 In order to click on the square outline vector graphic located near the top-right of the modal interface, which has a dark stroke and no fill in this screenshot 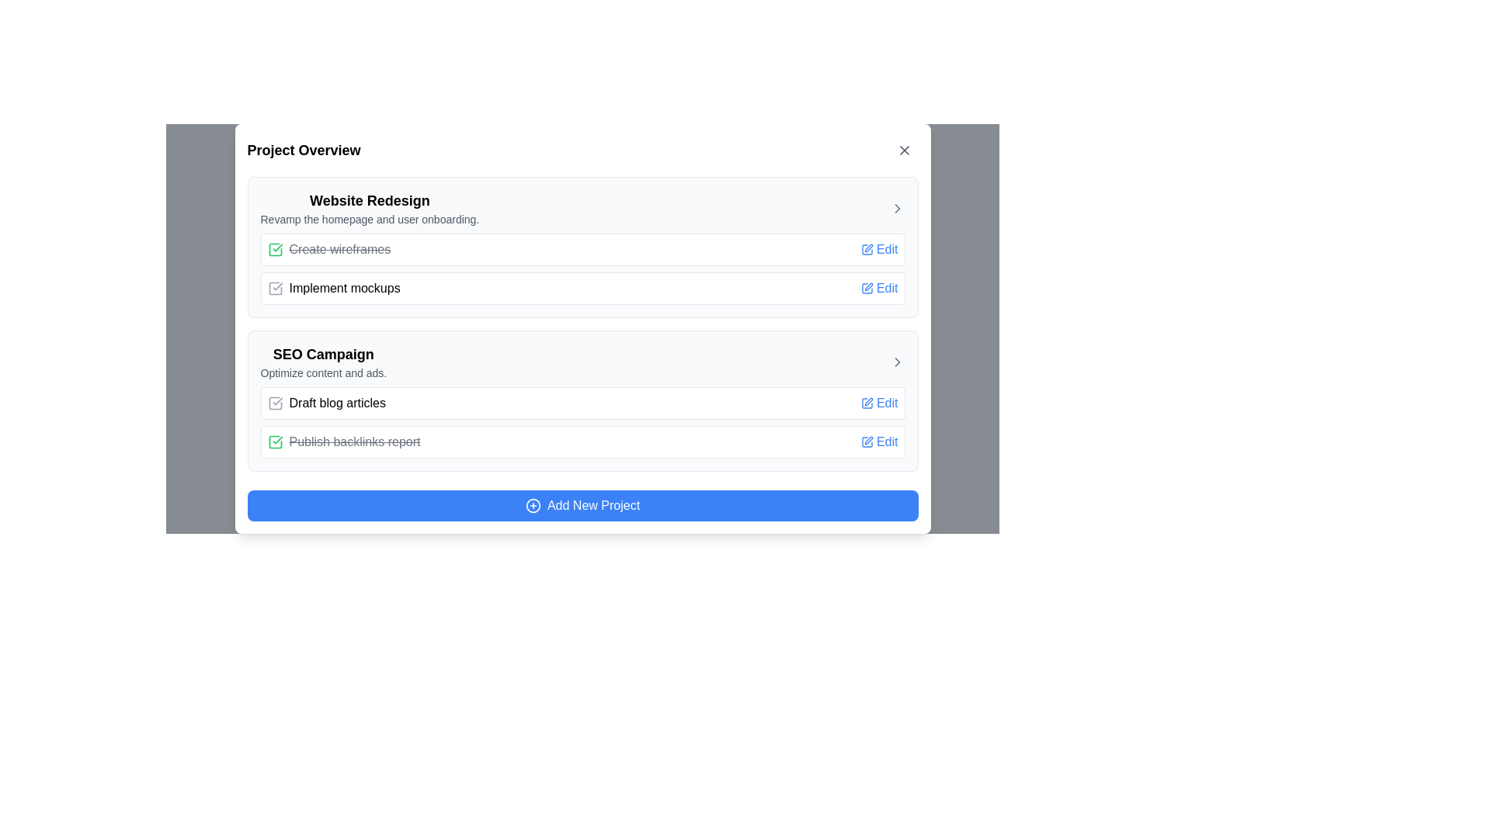, I will do `click(866, 288)`.